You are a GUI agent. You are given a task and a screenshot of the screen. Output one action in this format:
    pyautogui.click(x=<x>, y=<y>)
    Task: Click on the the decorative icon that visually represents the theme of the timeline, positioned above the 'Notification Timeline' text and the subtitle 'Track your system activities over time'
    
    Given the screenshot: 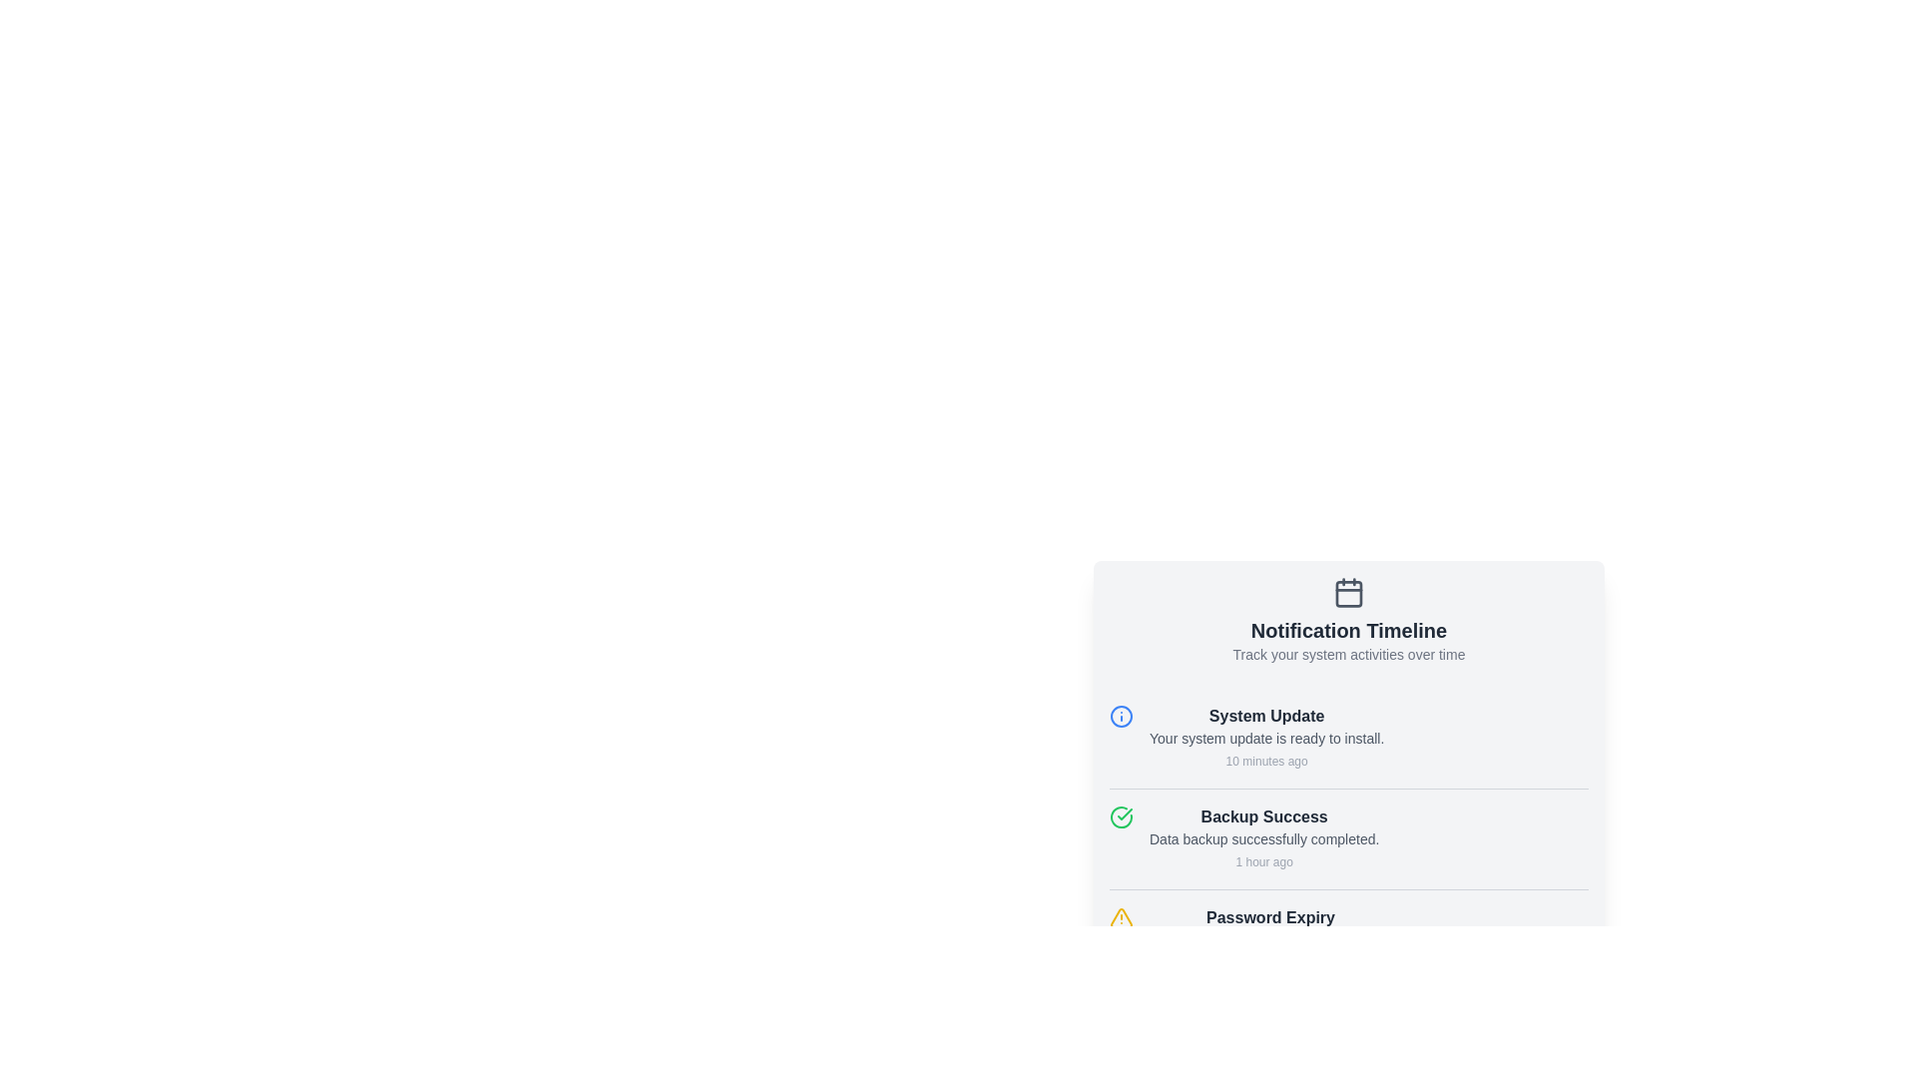 What is the action you would take?
    pyautogui.click(x=1349, y=592)
    